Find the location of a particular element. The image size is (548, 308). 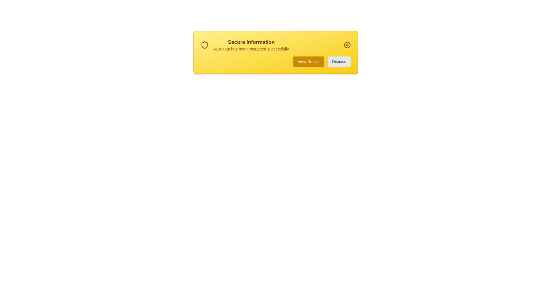

the 'Close Notification' button is located at coordinates (347, 45).